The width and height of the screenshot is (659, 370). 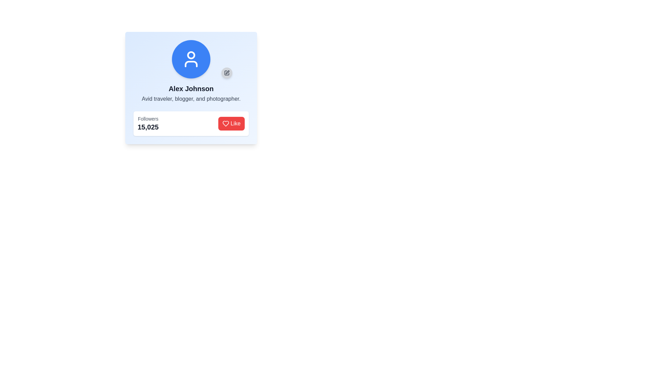 What do you see at coordinates (191, 94) in the screenshot?
I see `the text component that introduces Alex Johnson, located below the circular user icon and above follower statistics and a like button` at bounding box center [191, 94].